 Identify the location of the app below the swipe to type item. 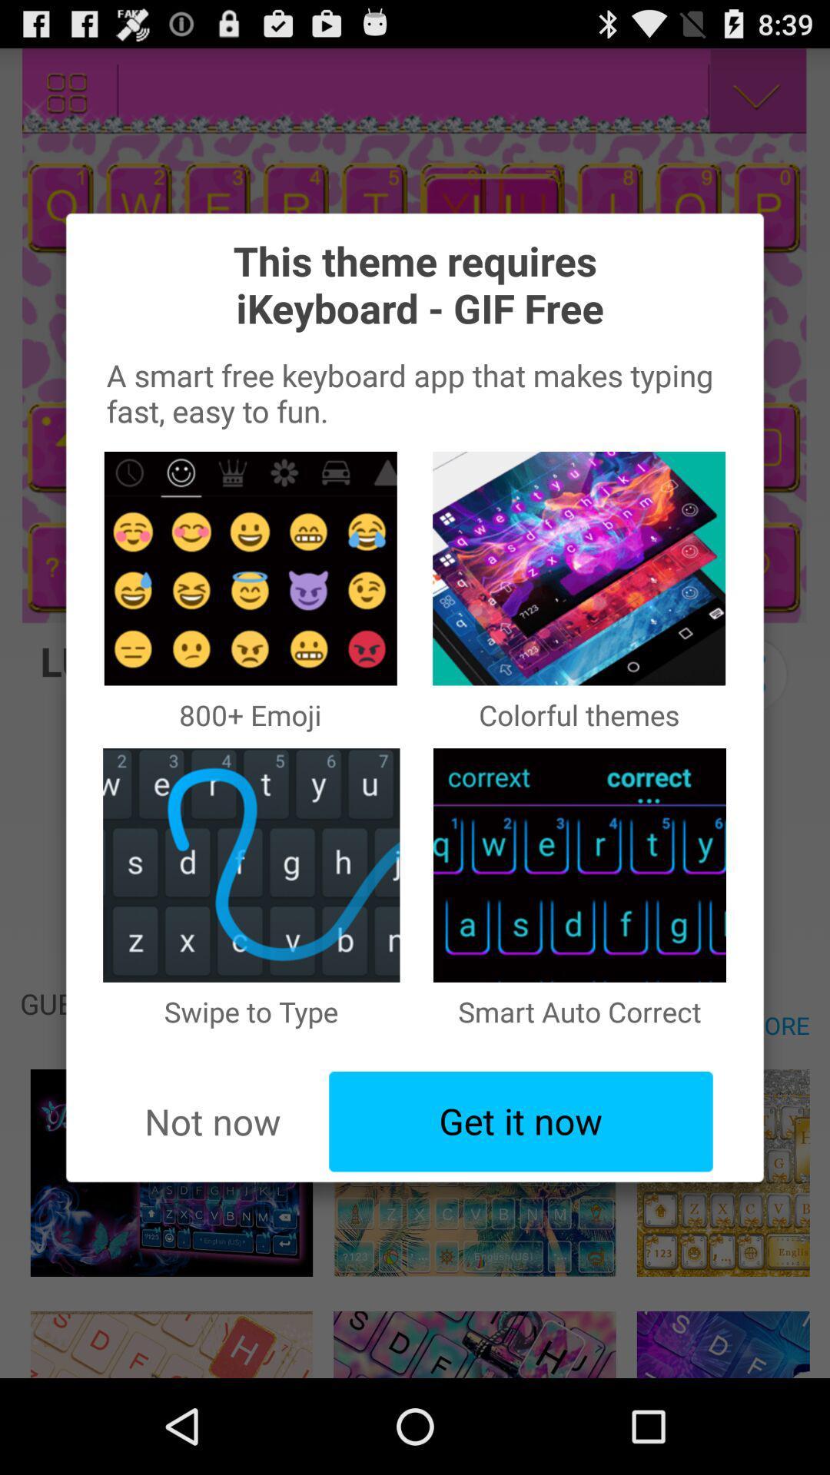
(212, 1122).